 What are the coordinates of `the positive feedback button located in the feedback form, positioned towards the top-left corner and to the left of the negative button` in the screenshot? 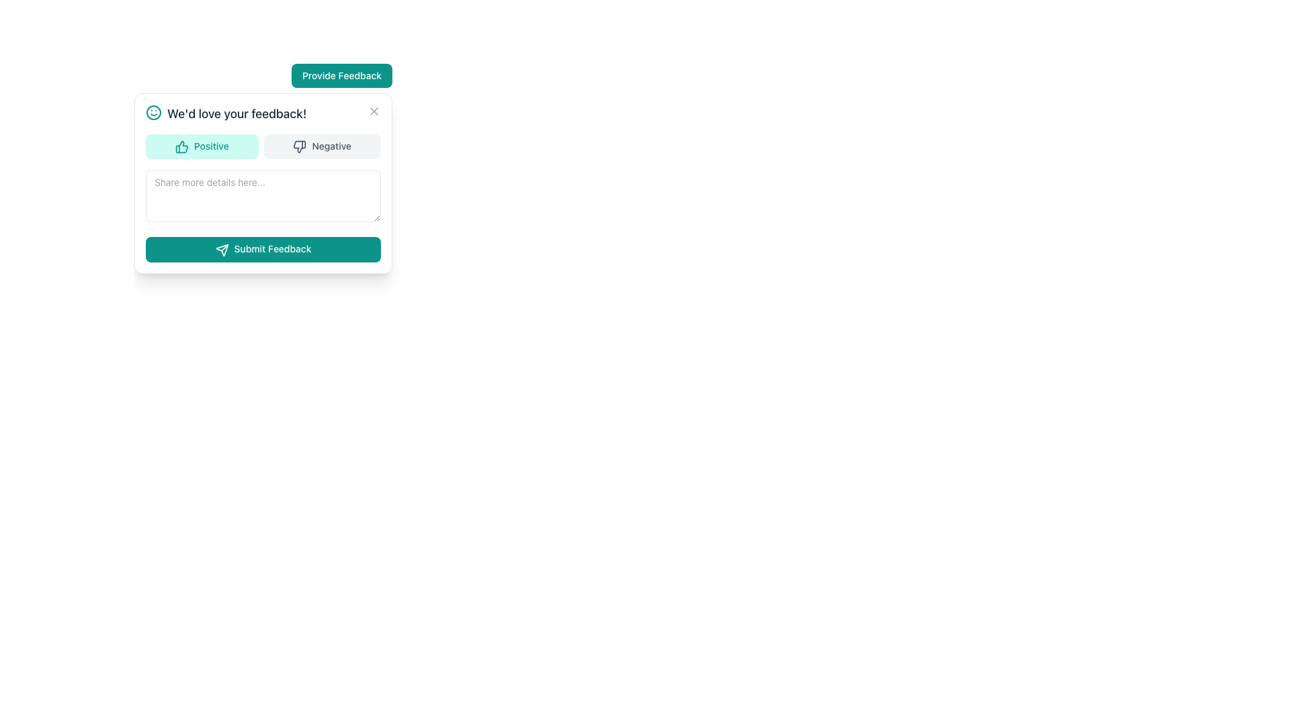 It's located at (201, 146).